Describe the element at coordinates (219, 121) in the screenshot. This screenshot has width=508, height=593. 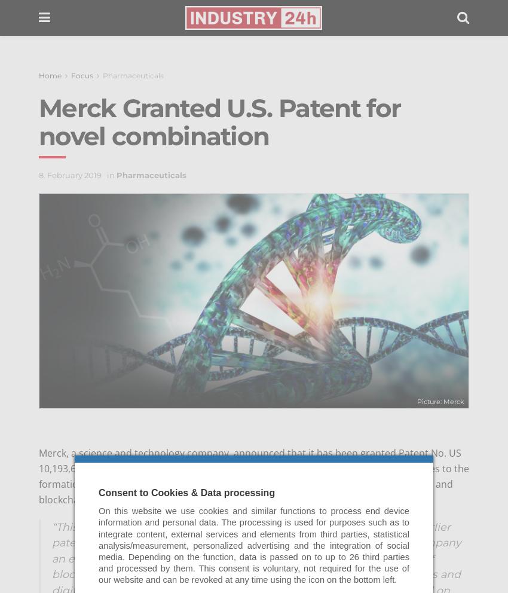
I see `'Merck Granted U.S. Patent for novel combination'` at that location.